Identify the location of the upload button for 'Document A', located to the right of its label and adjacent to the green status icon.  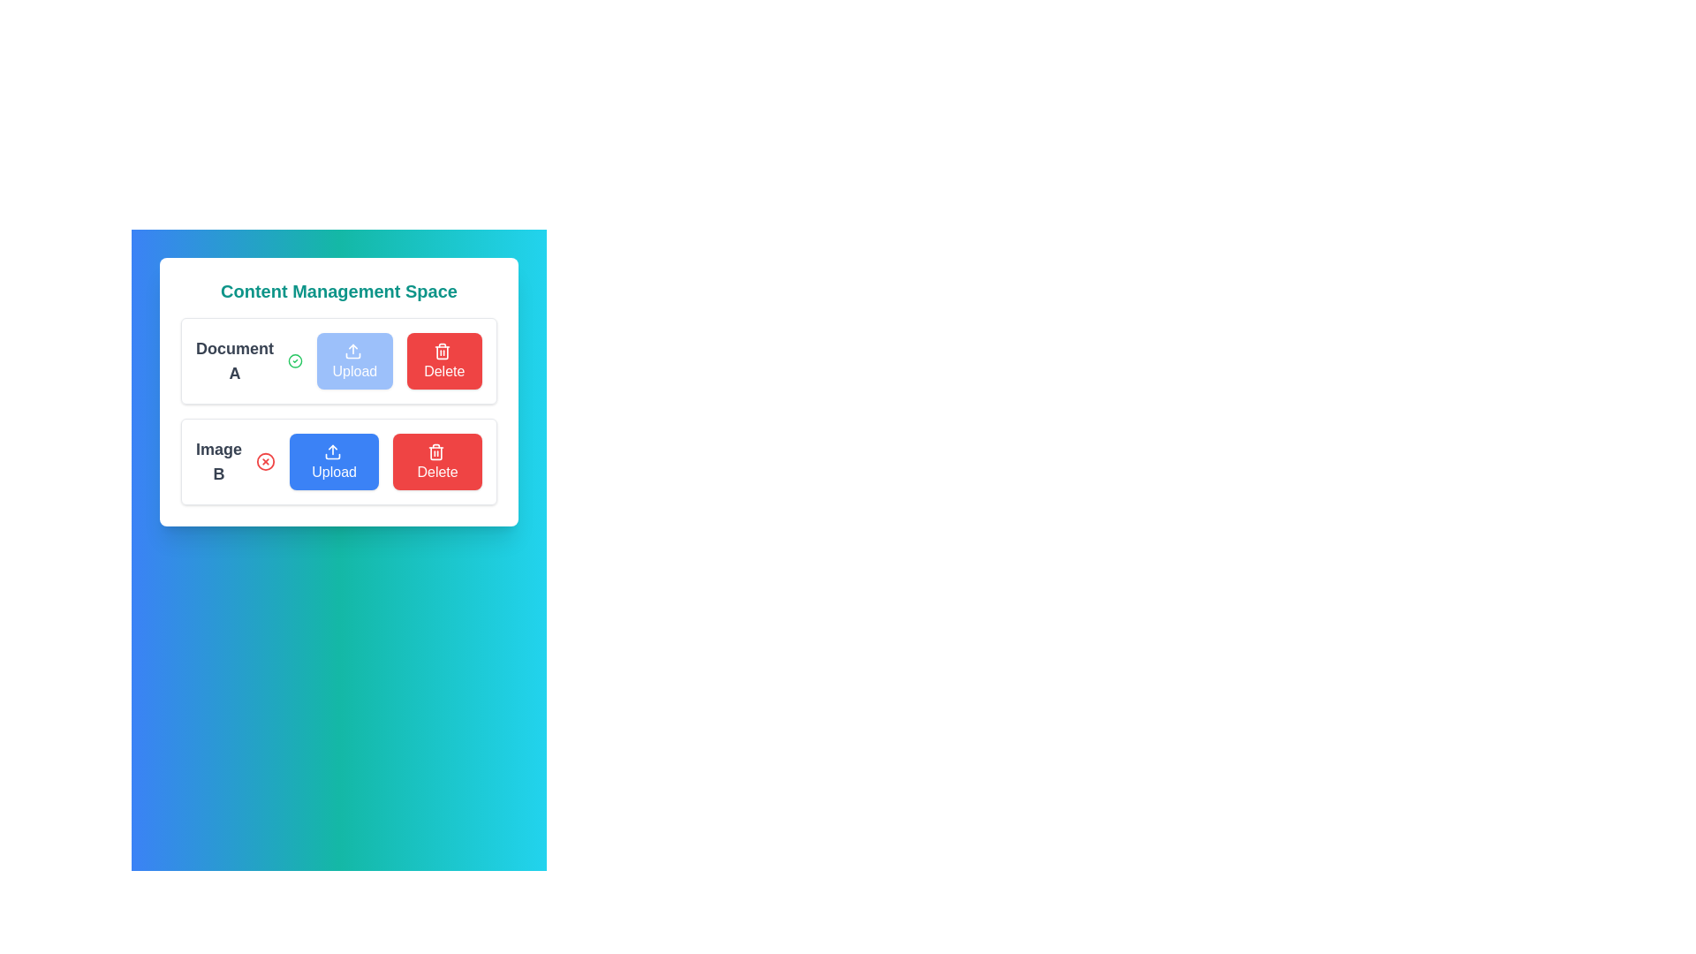
(353, 360).